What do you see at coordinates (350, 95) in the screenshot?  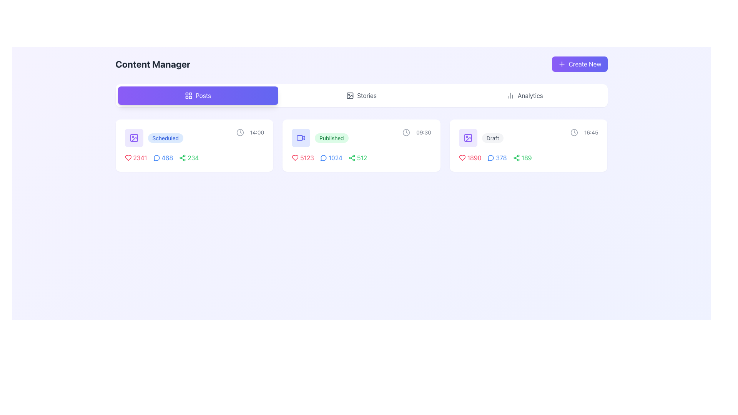 I see `the image icon located in the 'Stories' segment of the navigation bar, which is characterized by a rectangular outline with rounded corners and a circular shape inside` at bounding box center [350, 95].